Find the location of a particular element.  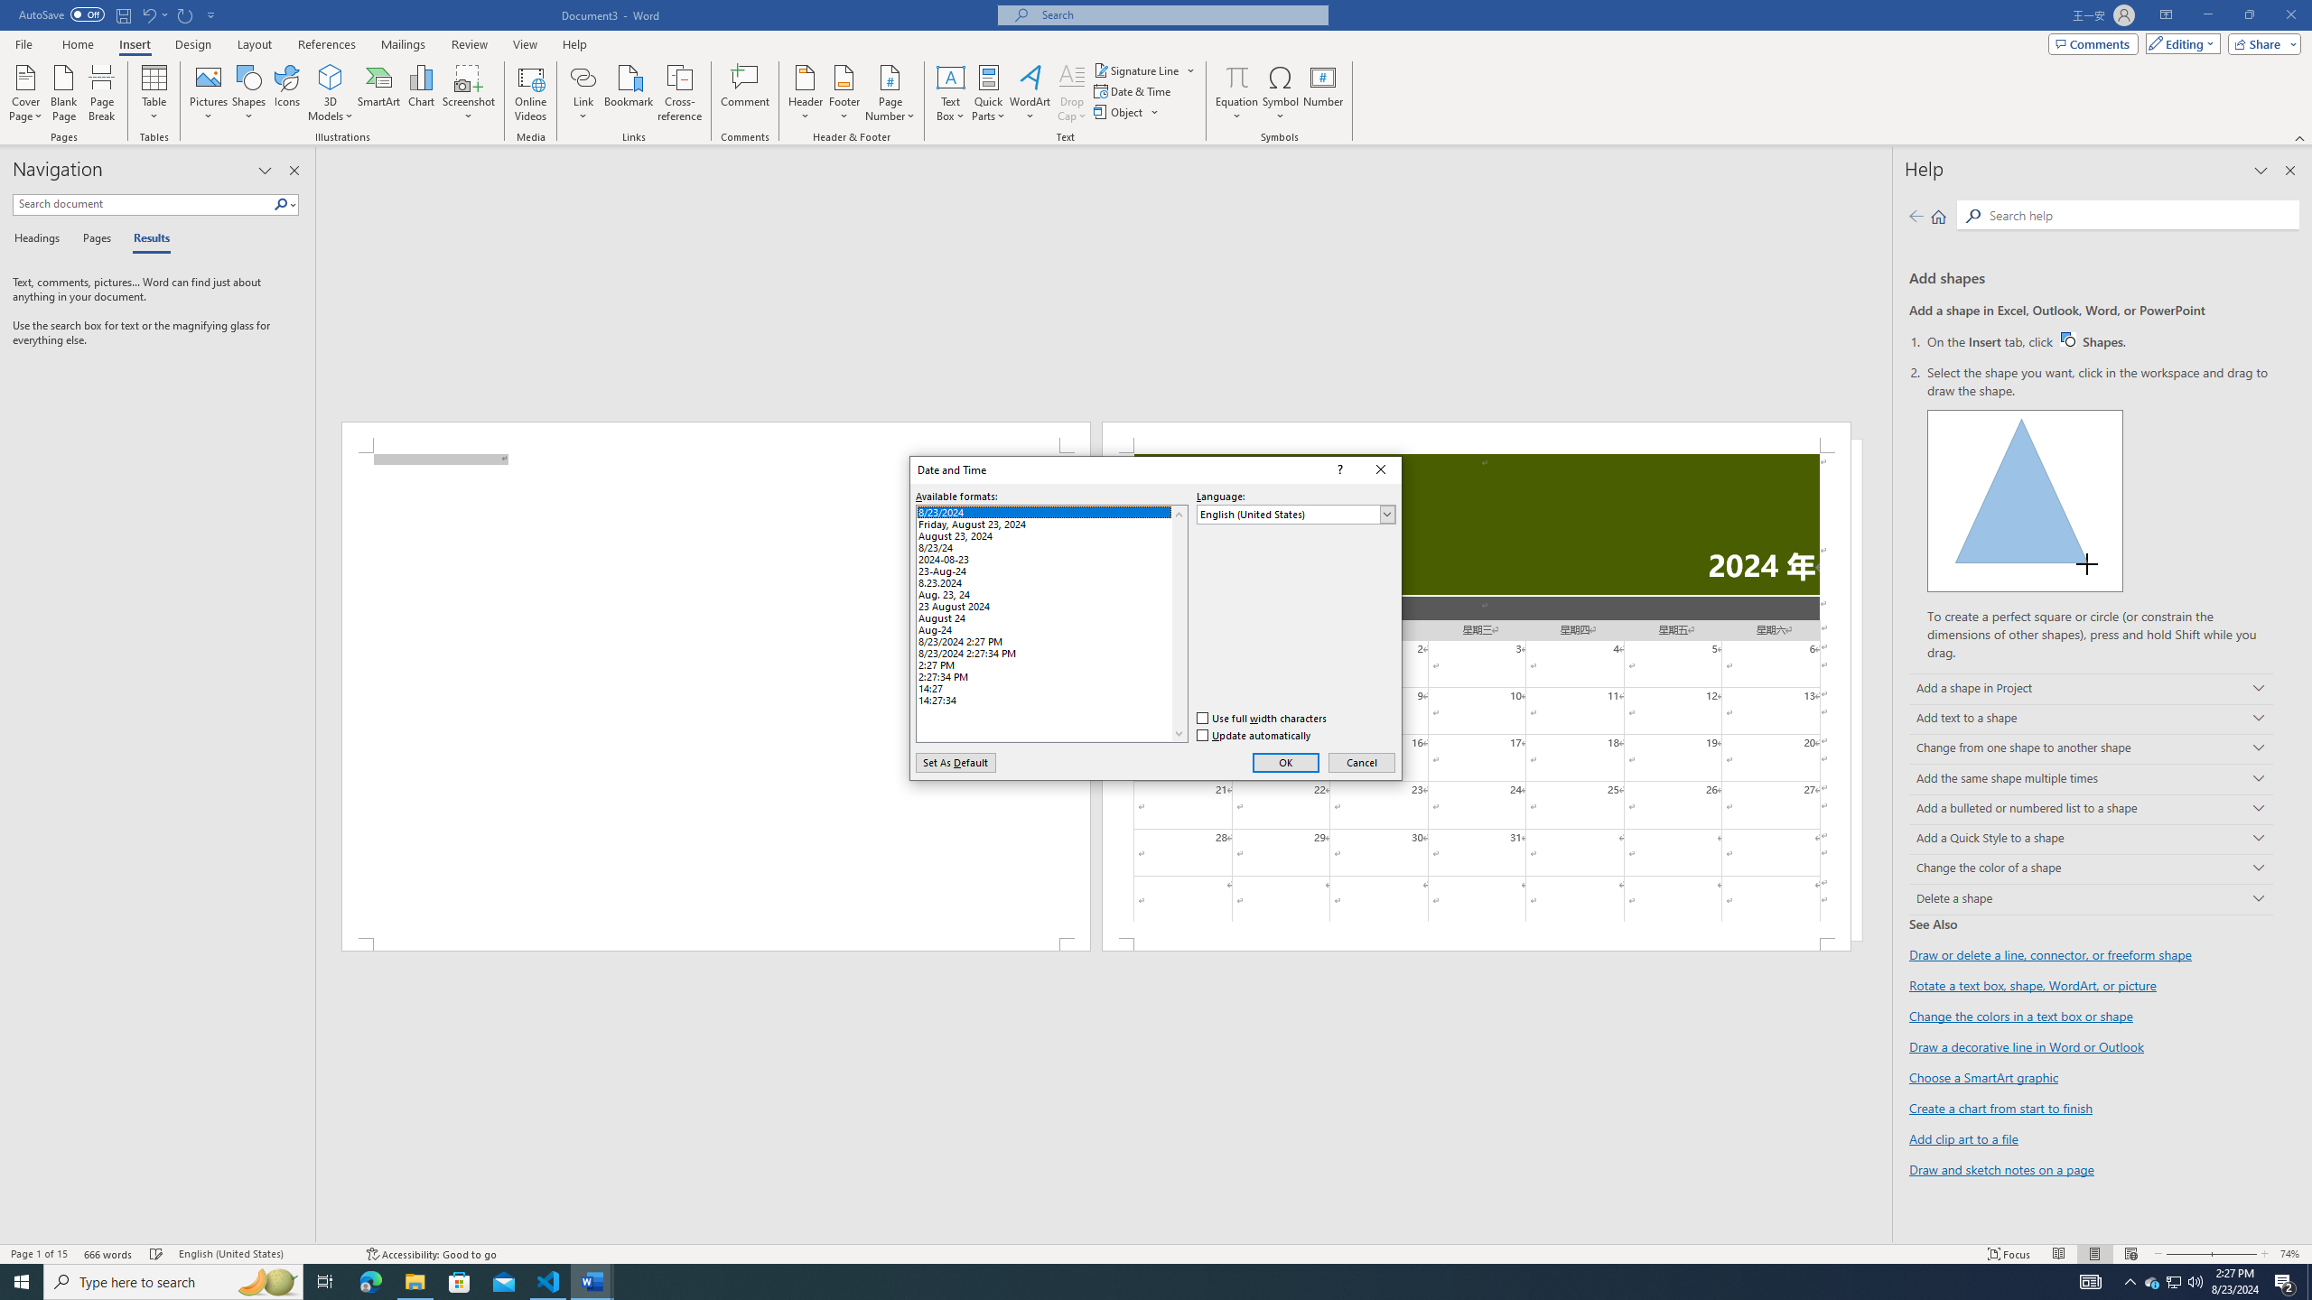

'SmartArt...' is located at coordinates (378, 93).